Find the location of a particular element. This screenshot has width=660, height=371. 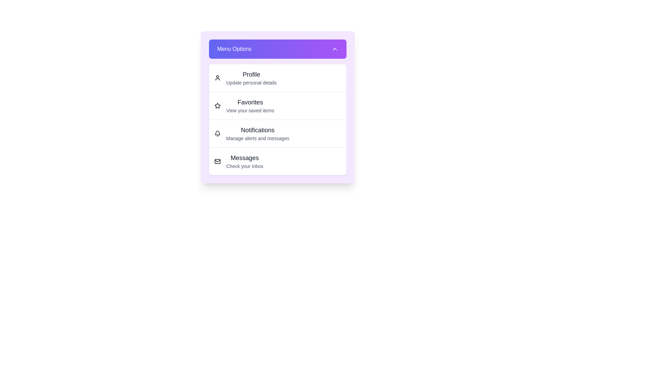

the menu item corresponding to Favorites is located at coordinates (217, 106).